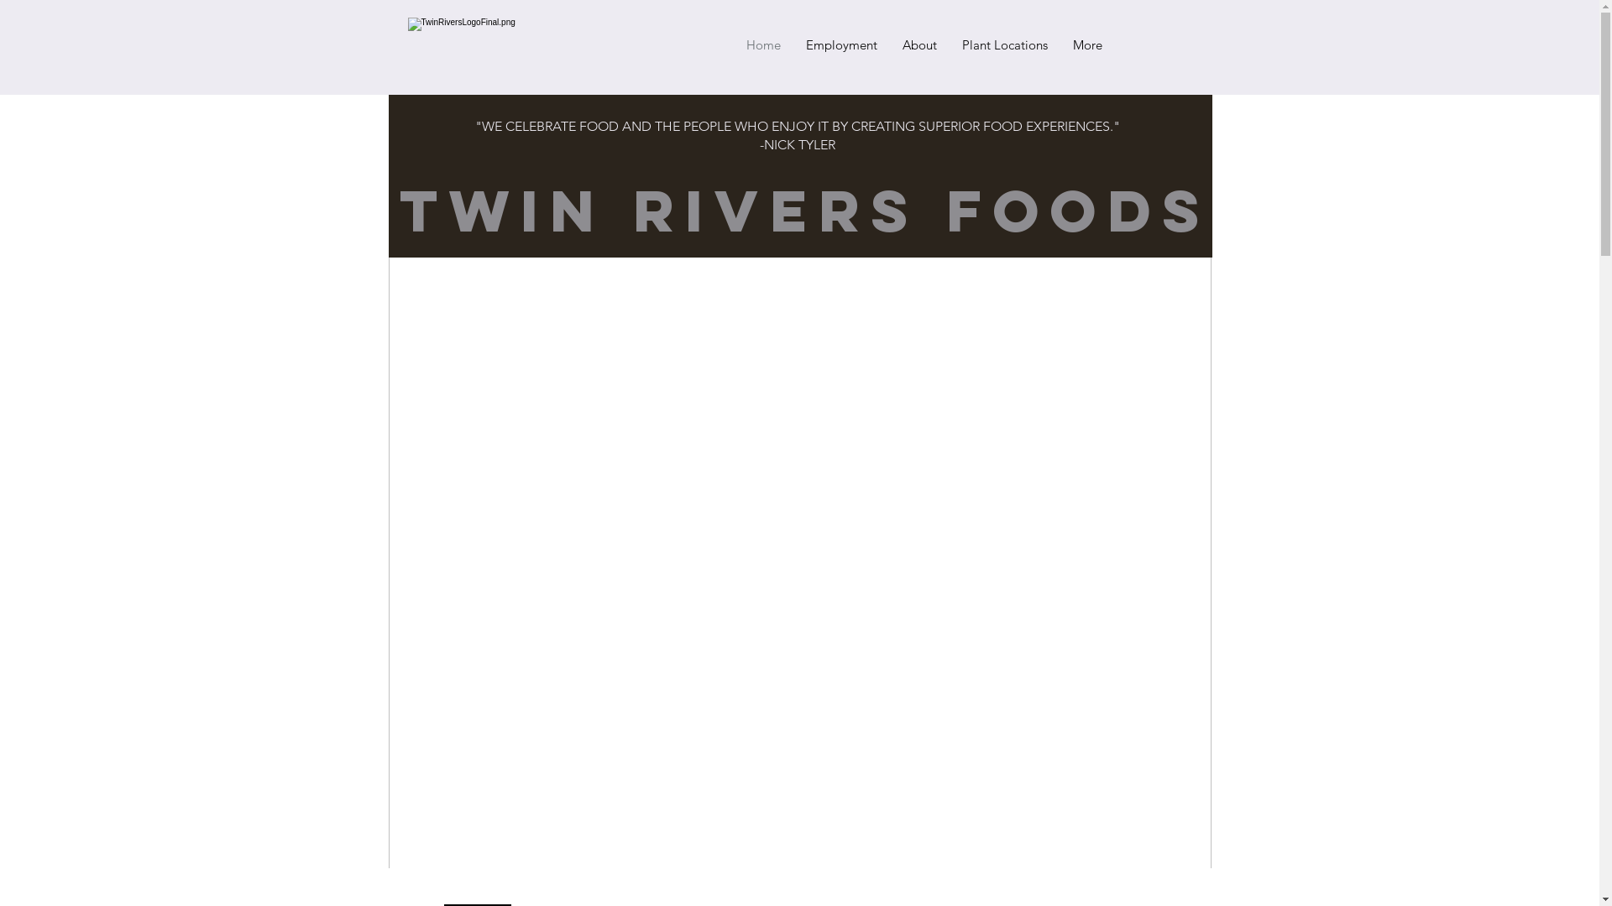 This screenshot has height=906, width=1612. What do you see at coordinates (840, 44) in the screenshot?
I see `'Employment'` at bounding box center [840, 44].